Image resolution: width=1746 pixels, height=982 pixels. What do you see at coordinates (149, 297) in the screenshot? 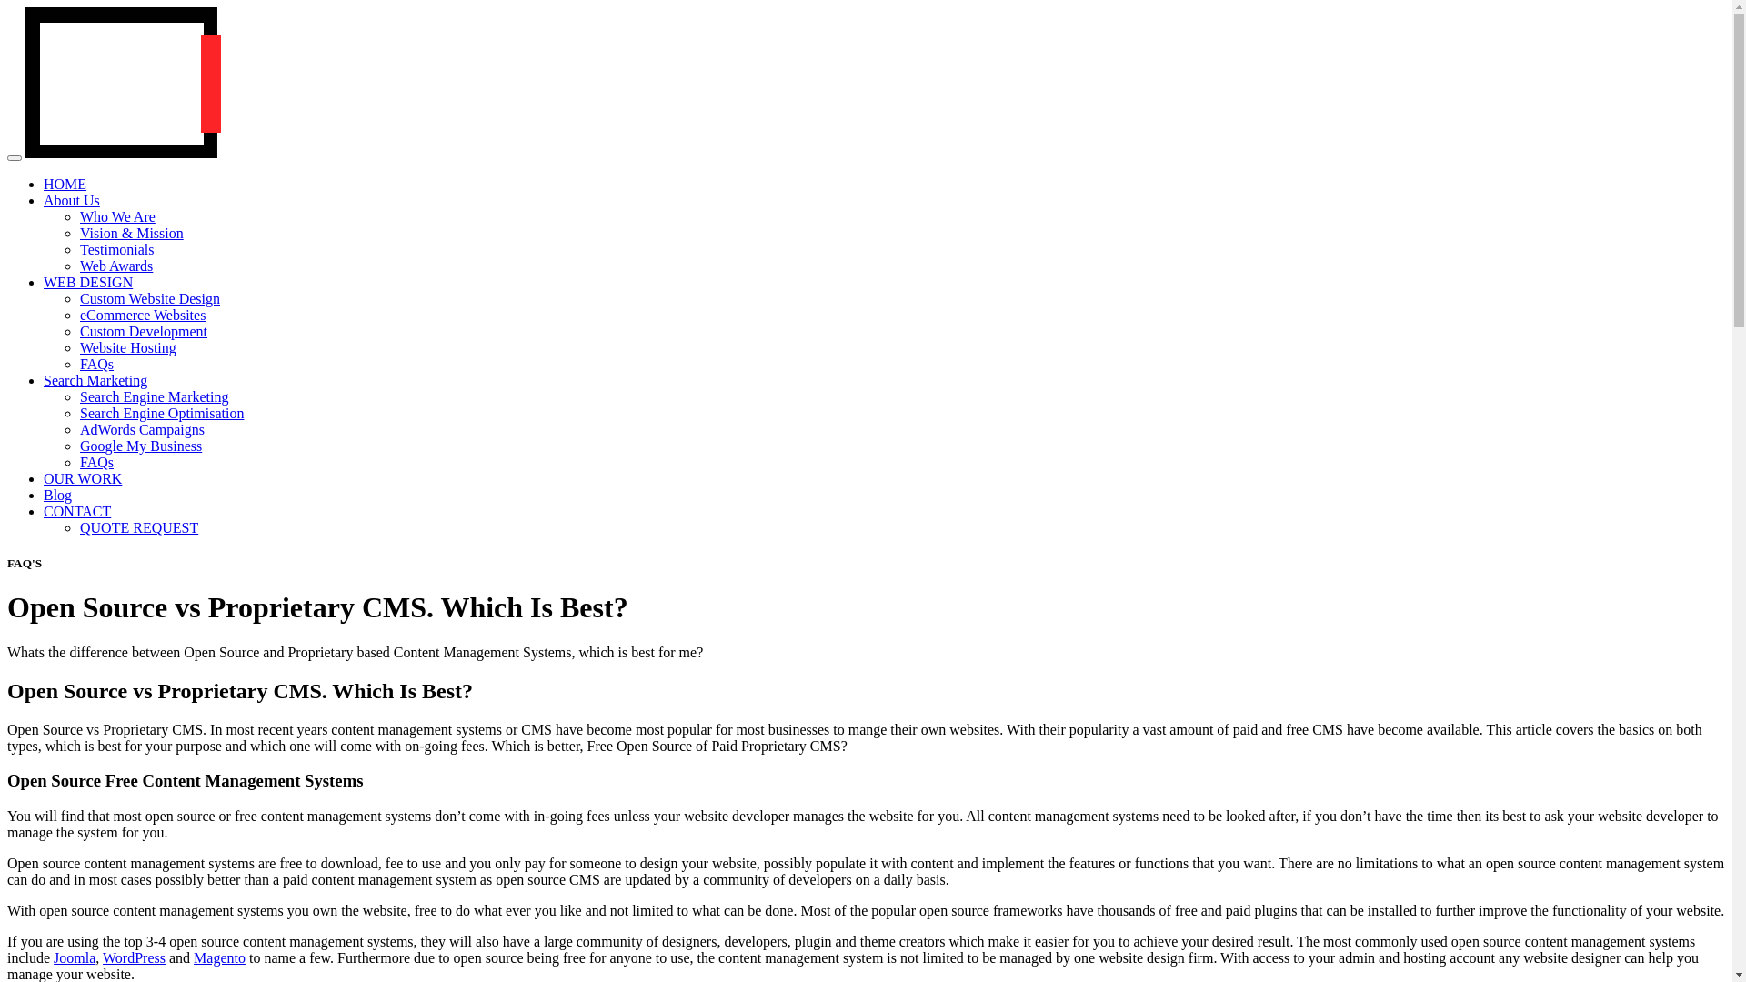
I see `'Custom Website Design'` at bounding box center [149, 297].